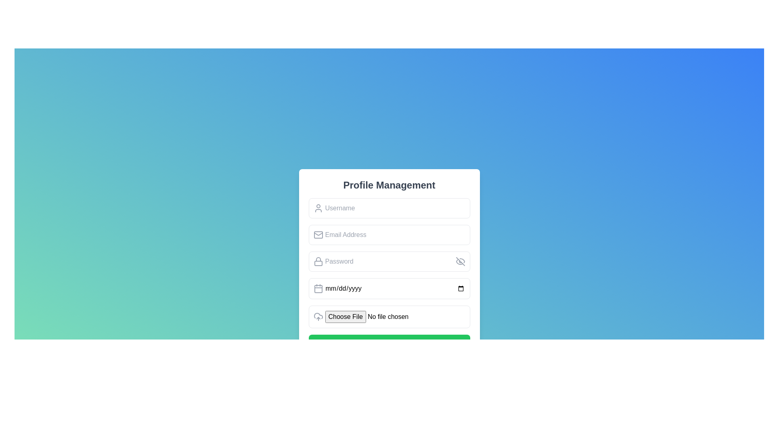 The height and width of the screenshot is (436, 775). Describe the element at coordinates (389, 185) in the screenshot. I see `header text 'Profile Management' displayed prominently in large, bold font at the top of the panel` at that location.